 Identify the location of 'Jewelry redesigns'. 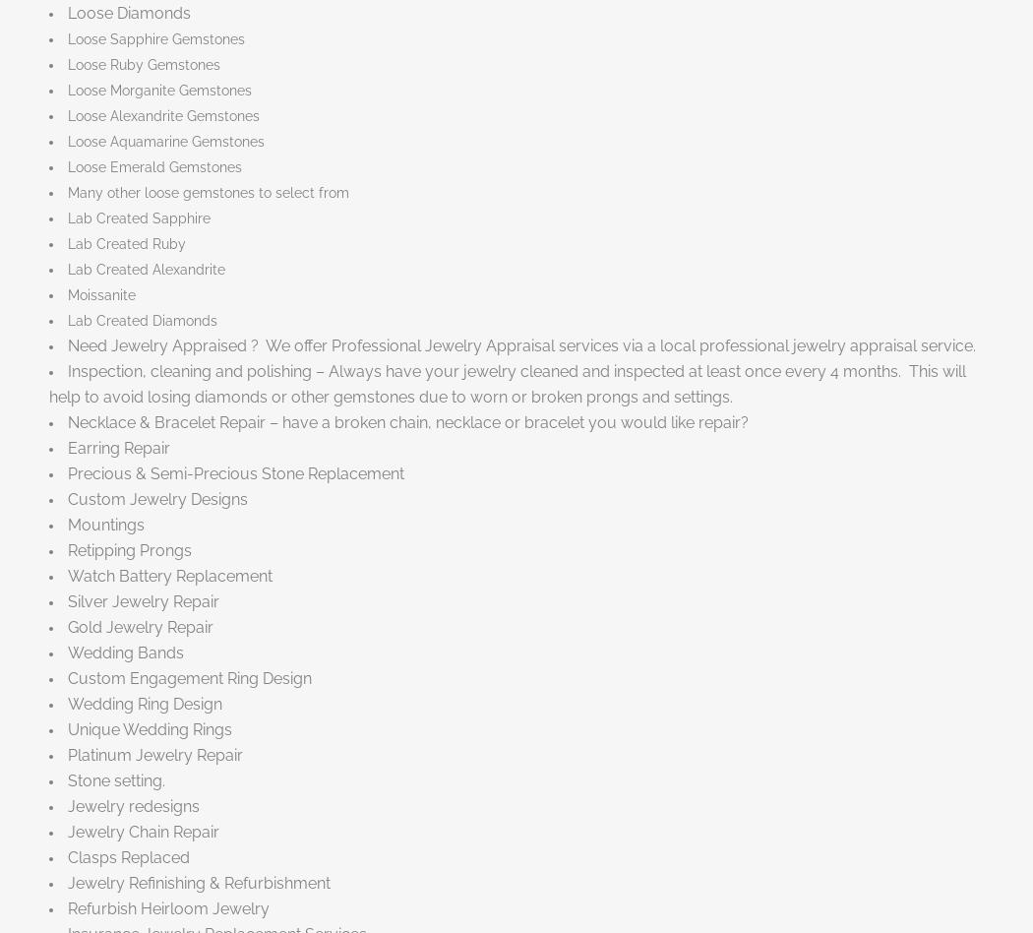
(132, 805).